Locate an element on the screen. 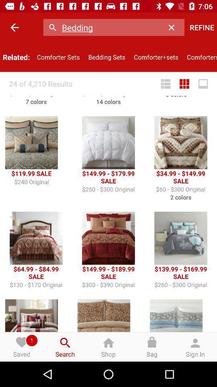 The image size is (217, 387). the comforters is located at coordinates (199, 56).